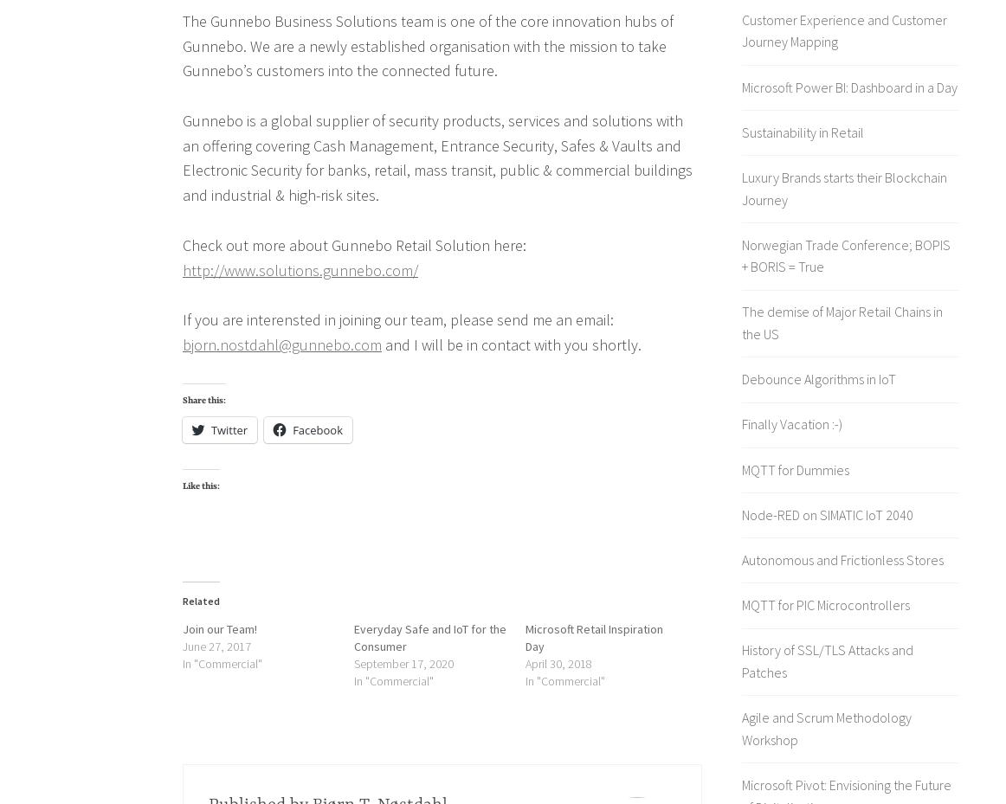 This screenshot has width=1006, height=804. What do you see at coordinates (182, 244) in the screenshot?
I see `'Check out more about Gunnebo Retail Solution here:'` at bounding box center [182, 244].